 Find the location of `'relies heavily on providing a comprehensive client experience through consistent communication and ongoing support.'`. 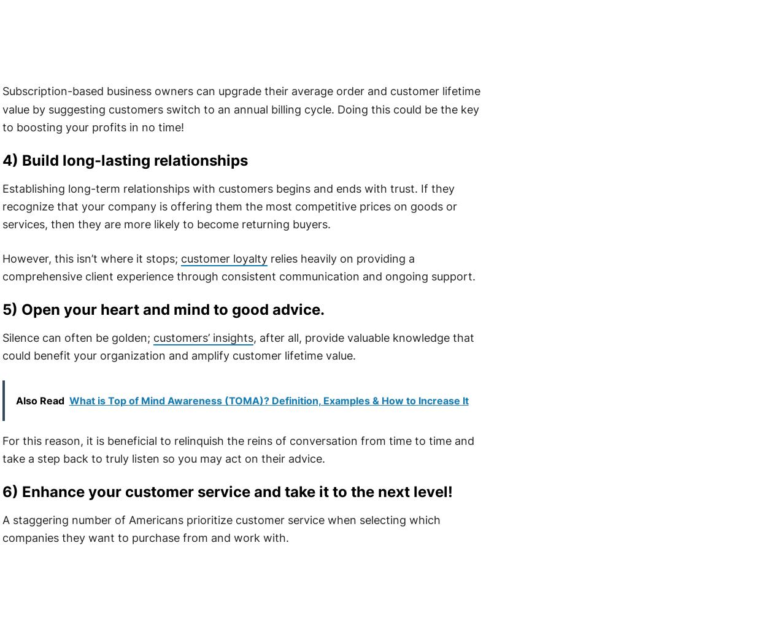

'relies heavily on providing a comprehensive client experience through consistent communication and ongoing support.' is located at coordinates (238, 266).